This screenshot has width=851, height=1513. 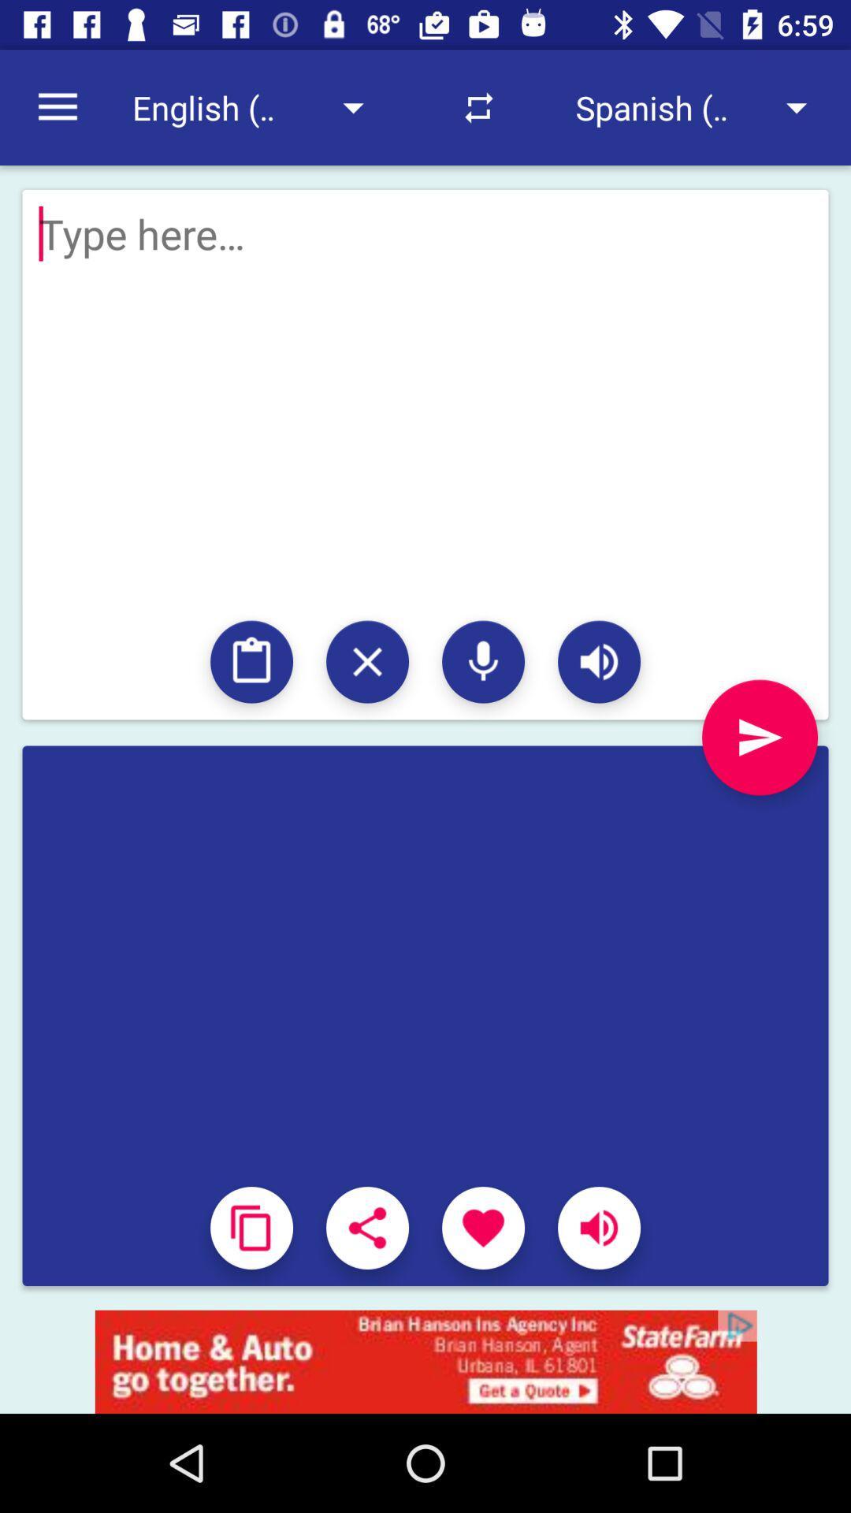 What do you see at coordinates (482, 662) in the screenshot?
I see `choose audio button` at bounding box center [482, 662].